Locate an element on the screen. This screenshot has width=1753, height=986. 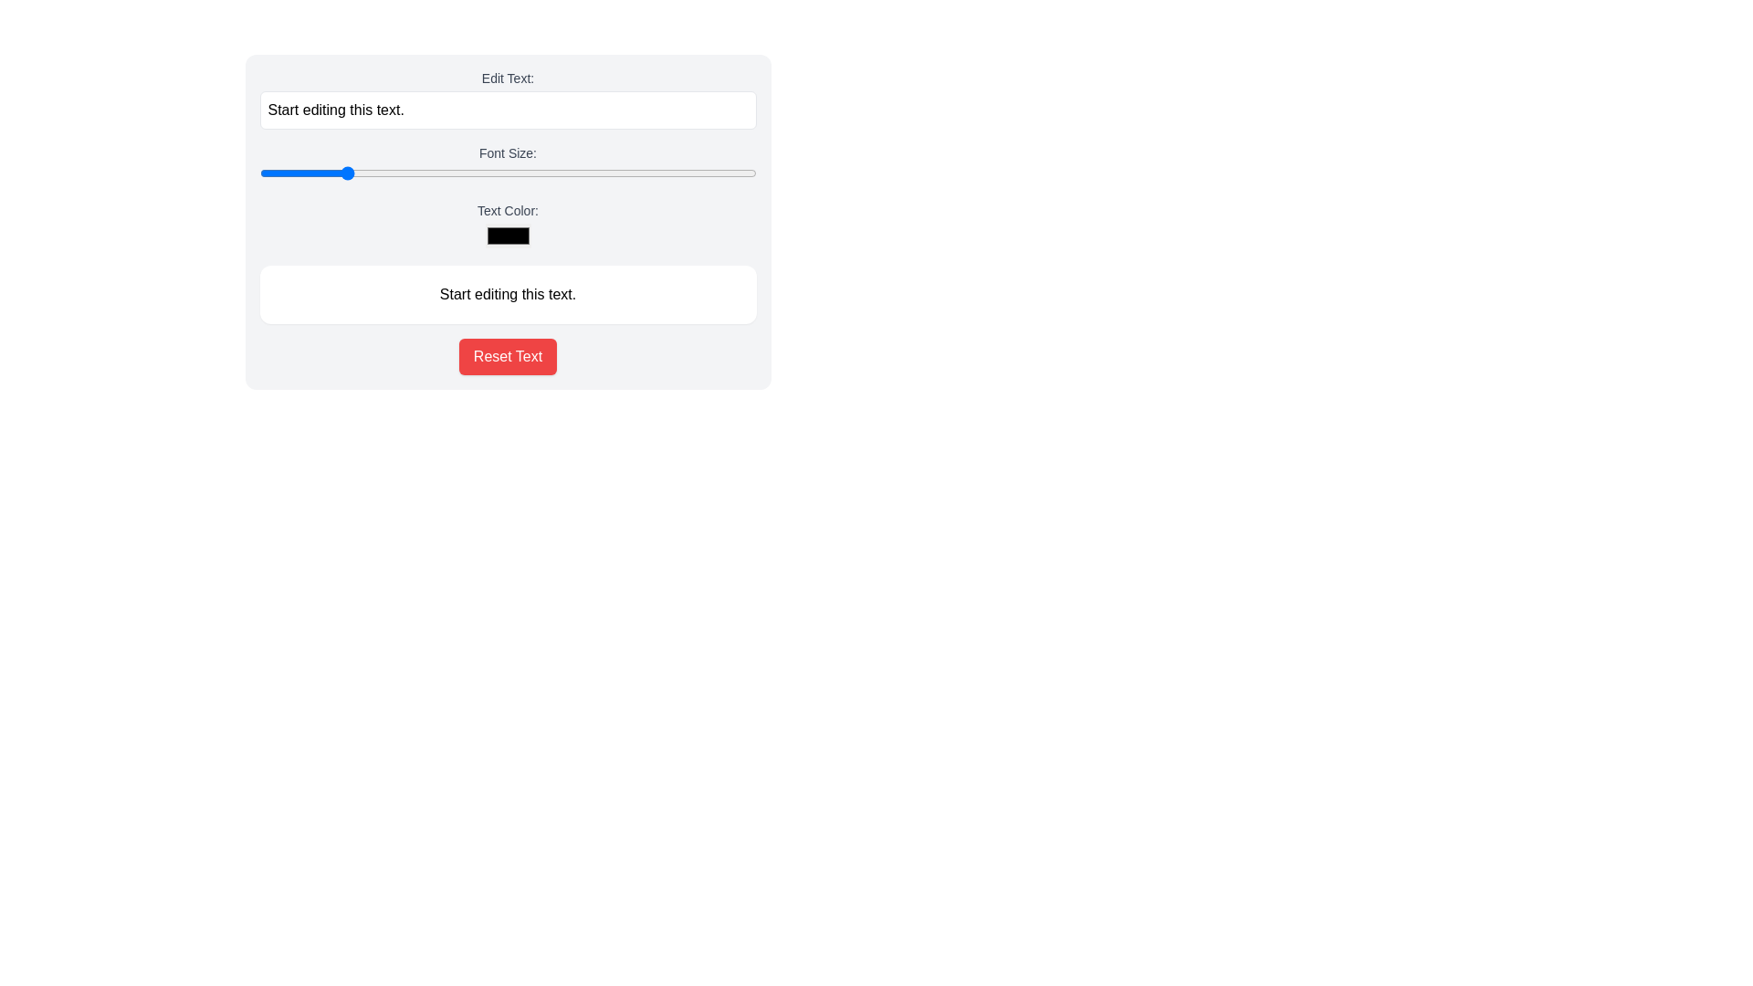
font size is located at coordinates (446, 173).